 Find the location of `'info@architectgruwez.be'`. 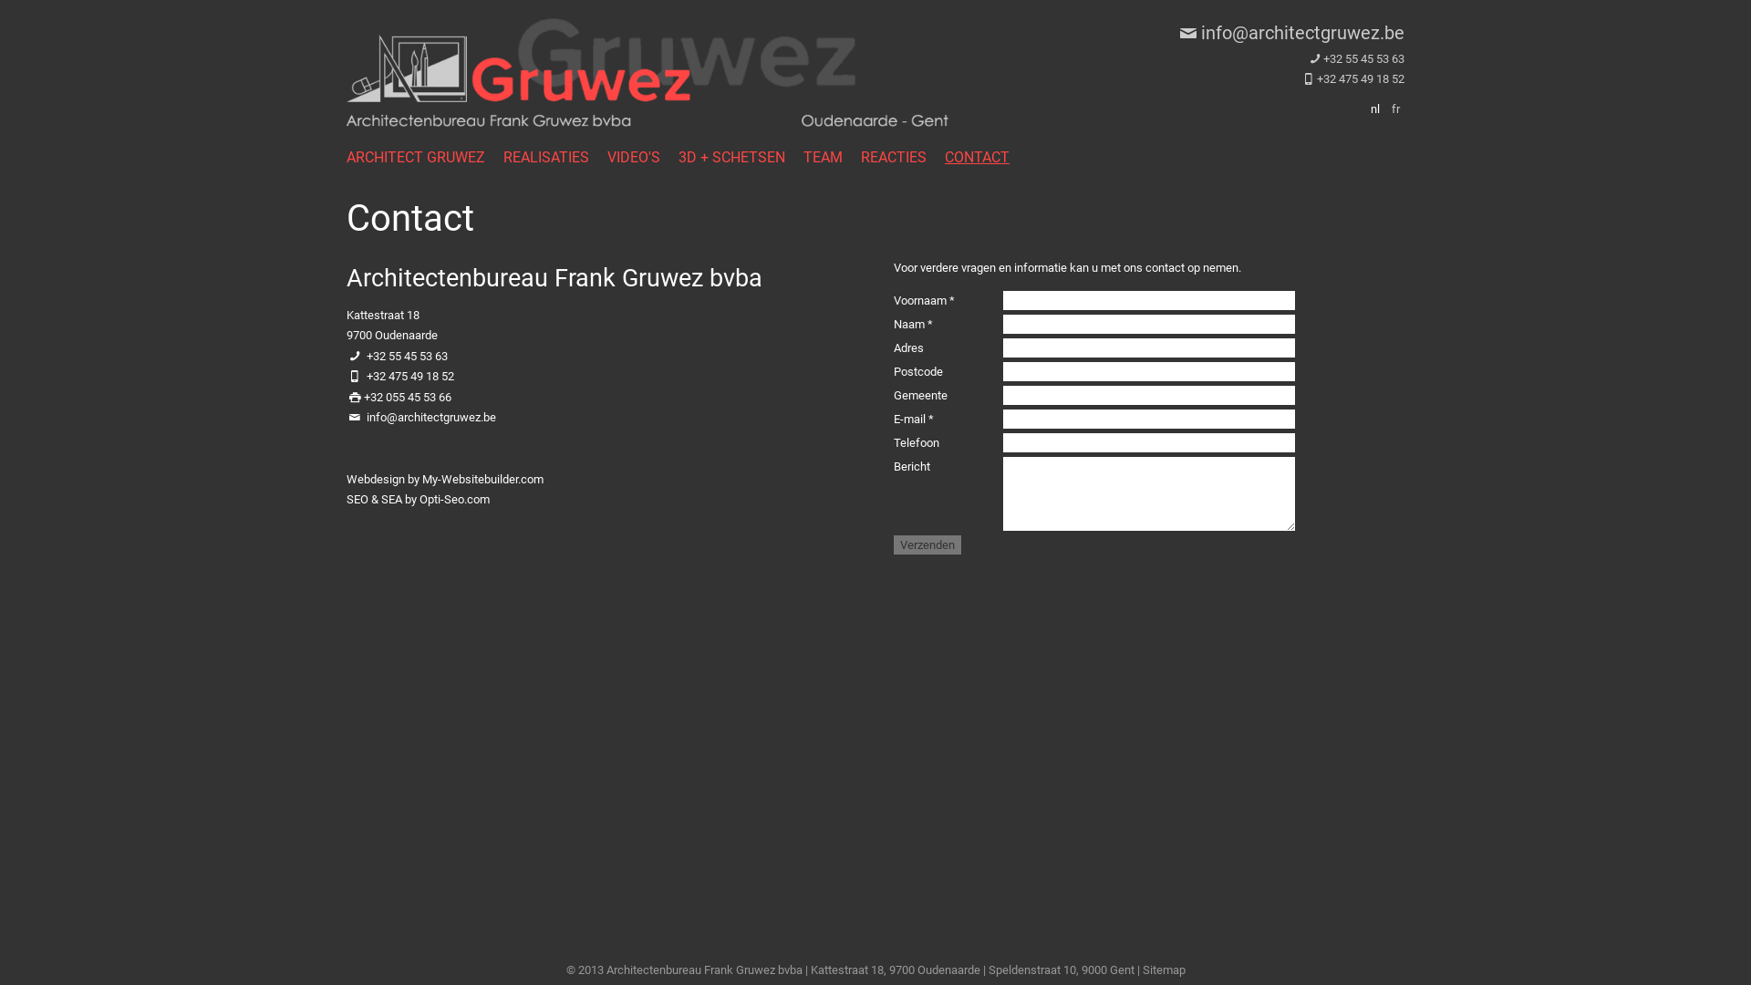

'info@architectgruwez.be' is located at coordinates (1289, 32).